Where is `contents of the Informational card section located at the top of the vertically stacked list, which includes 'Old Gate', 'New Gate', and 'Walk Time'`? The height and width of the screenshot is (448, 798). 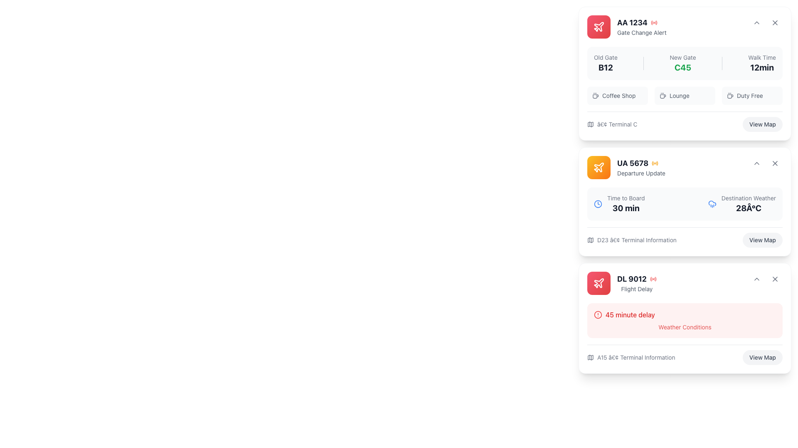 contents of the Informational card section located at the top of the vertically stacked list, which includes 'Old Gate', 'New Gate', and 'Walk Time' is located at coordinates (685, 63).